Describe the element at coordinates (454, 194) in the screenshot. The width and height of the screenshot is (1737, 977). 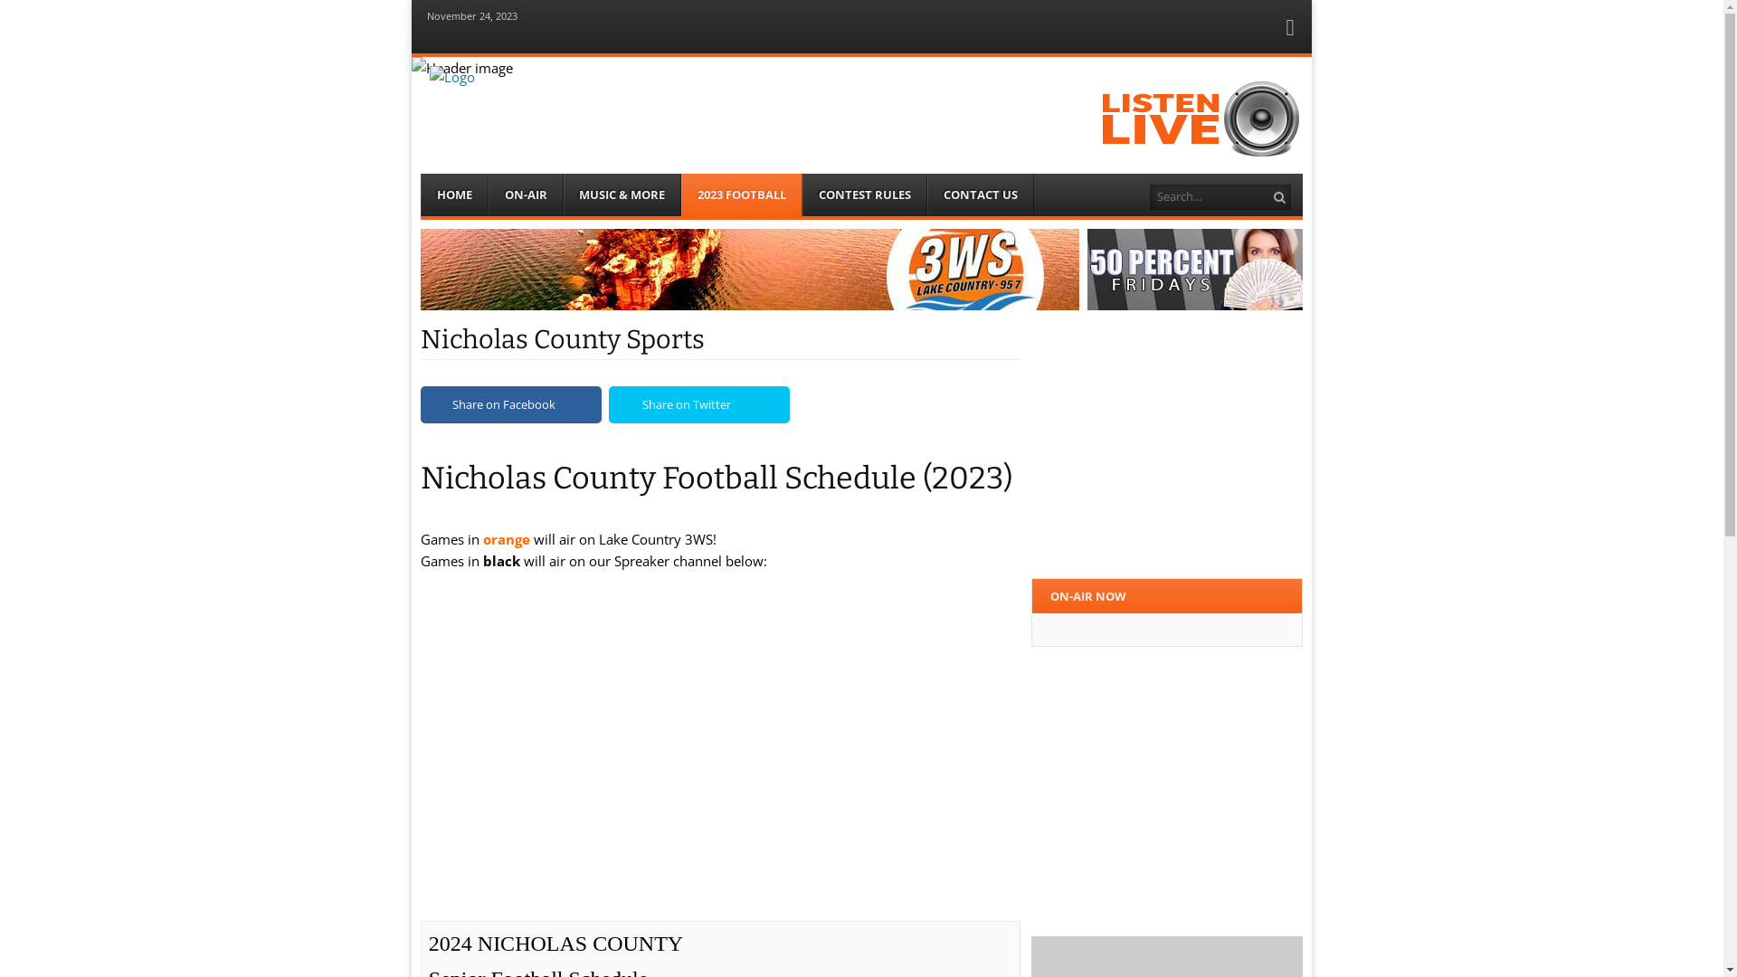
I see `'HOME'` at that location.